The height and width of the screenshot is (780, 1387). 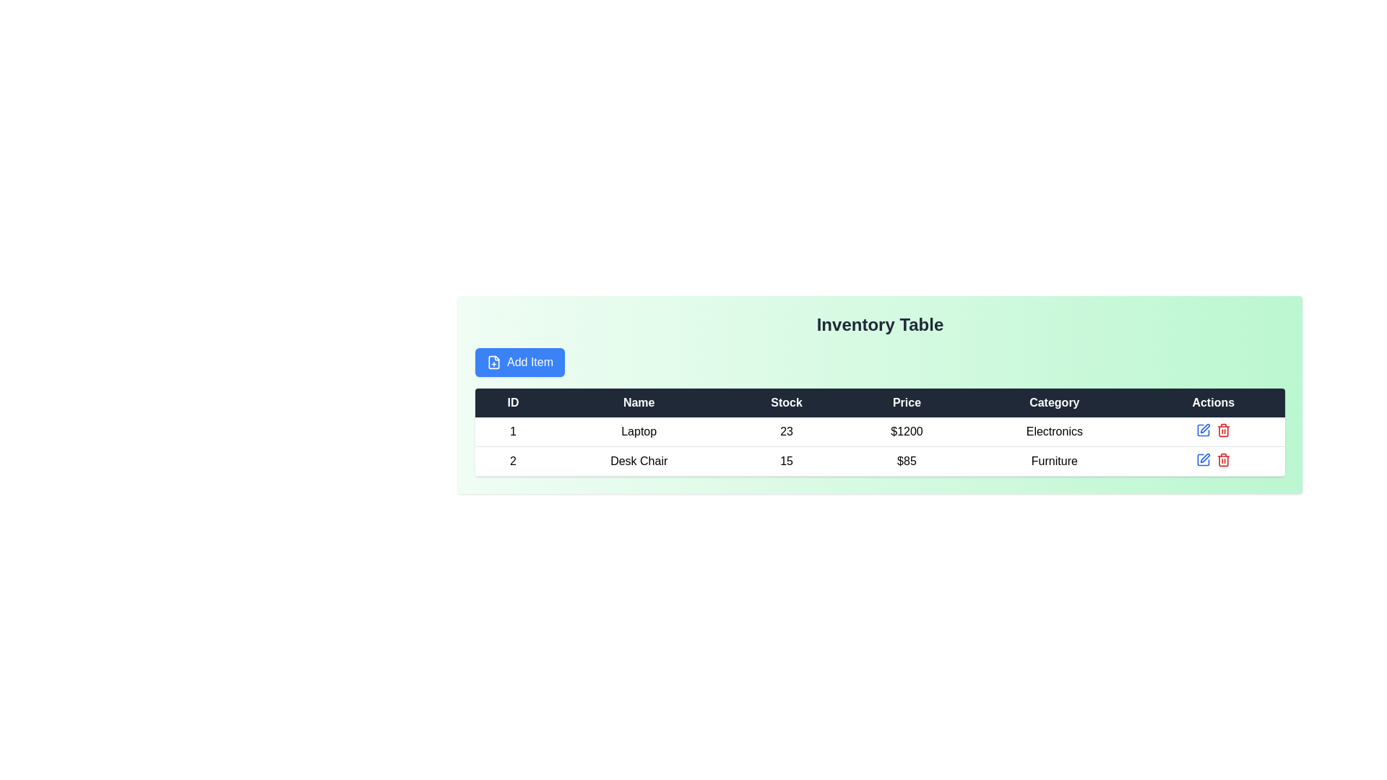 I want to click on the first row of the product table containing the fields 'ID', 'Name', 'Stock', 'Price', 'Category' and the values '1', 'Laptop', '23', '$1200', 'Electronics', so click(x=879, y=431).